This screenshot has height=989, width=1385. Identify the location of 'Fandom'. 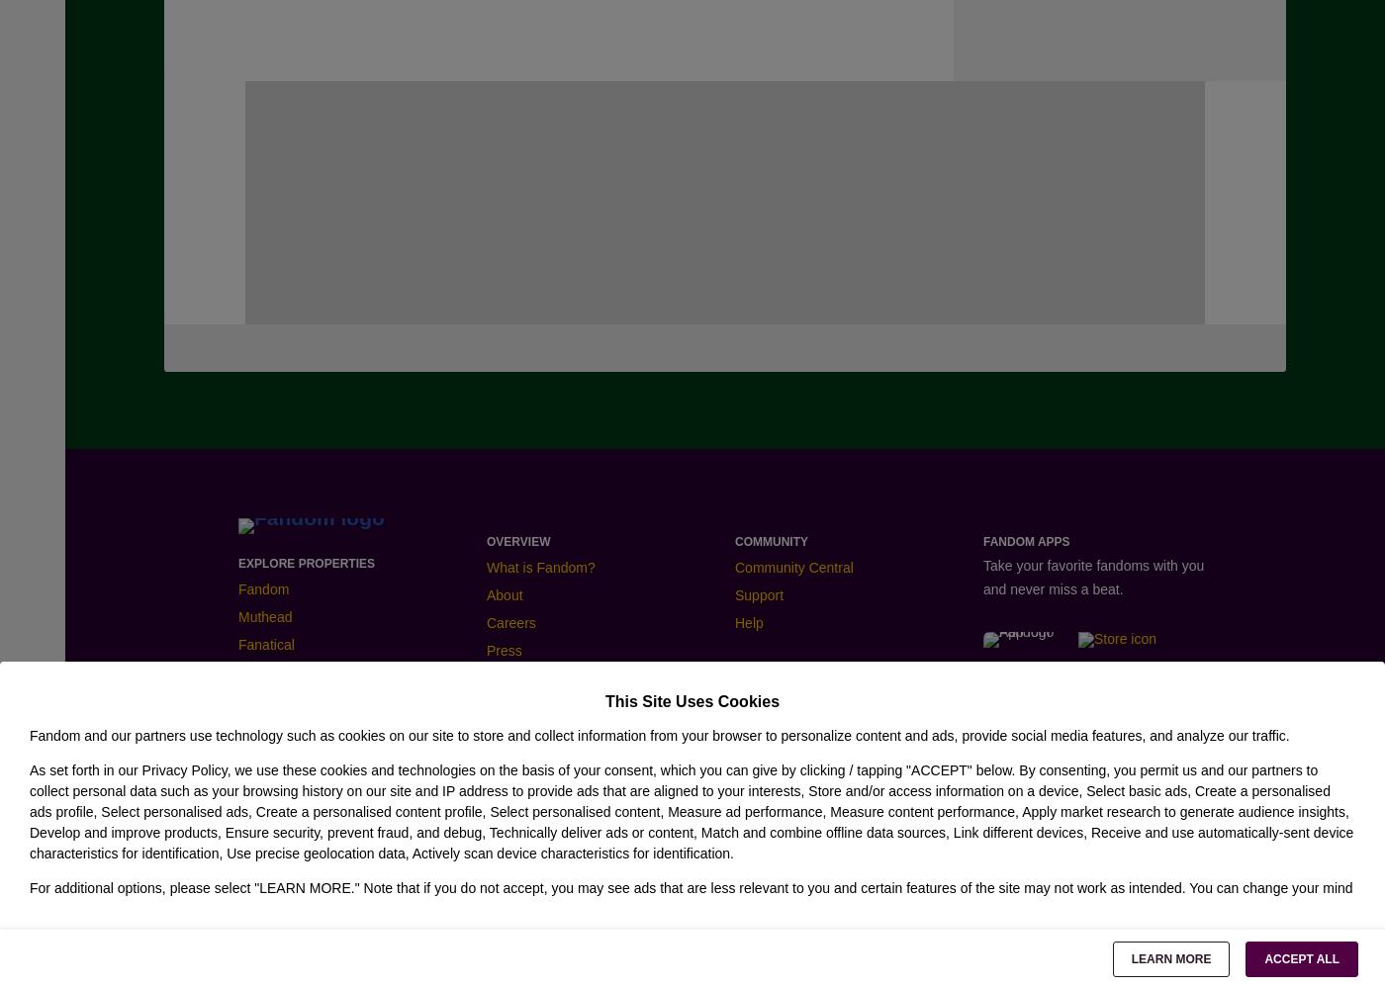
(263, 587).